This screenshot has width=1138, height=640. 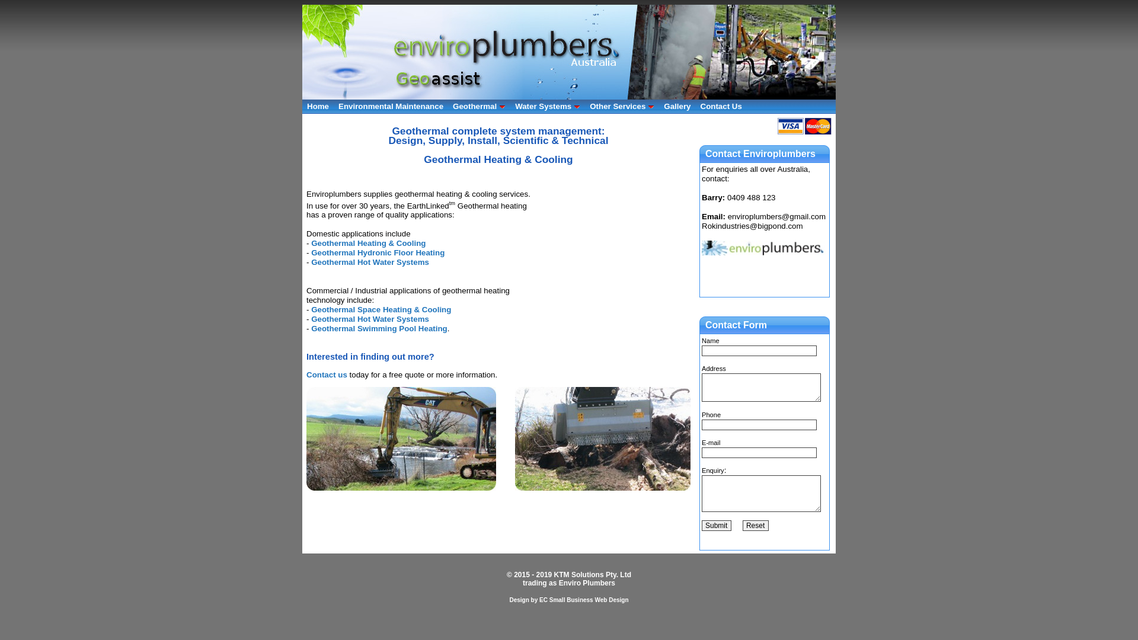 What do you see at coordinates (546, 105) in the screenshot?
I see `'Water Systems'` at bounding box center [546, 105].